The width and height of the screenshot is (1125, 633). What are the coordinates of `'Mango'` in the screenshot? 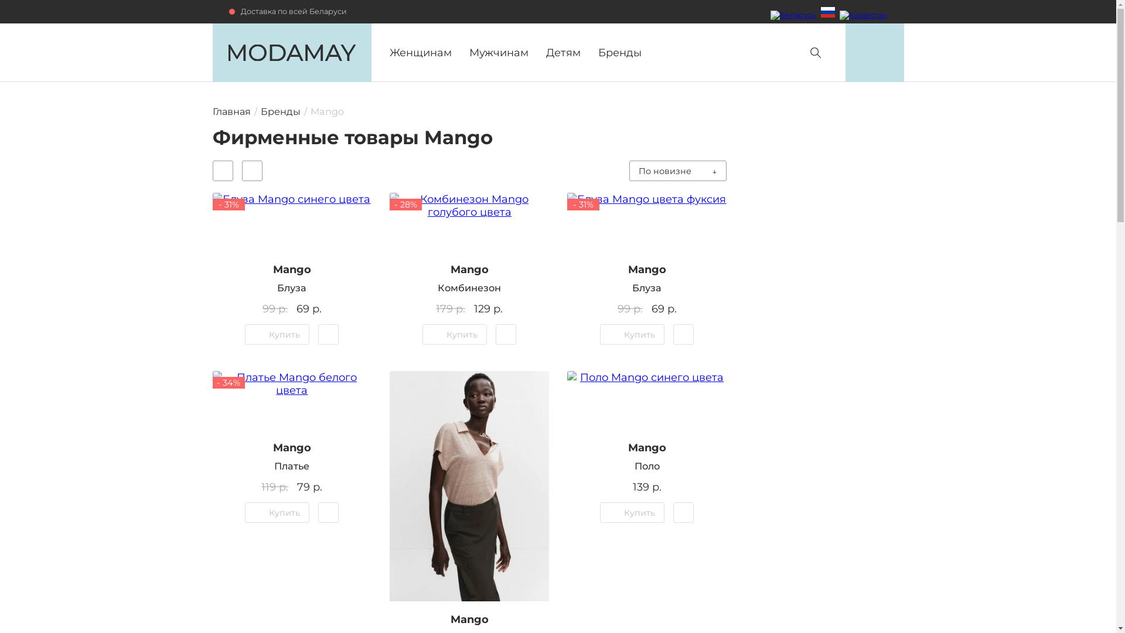 It's located at (646, 447).